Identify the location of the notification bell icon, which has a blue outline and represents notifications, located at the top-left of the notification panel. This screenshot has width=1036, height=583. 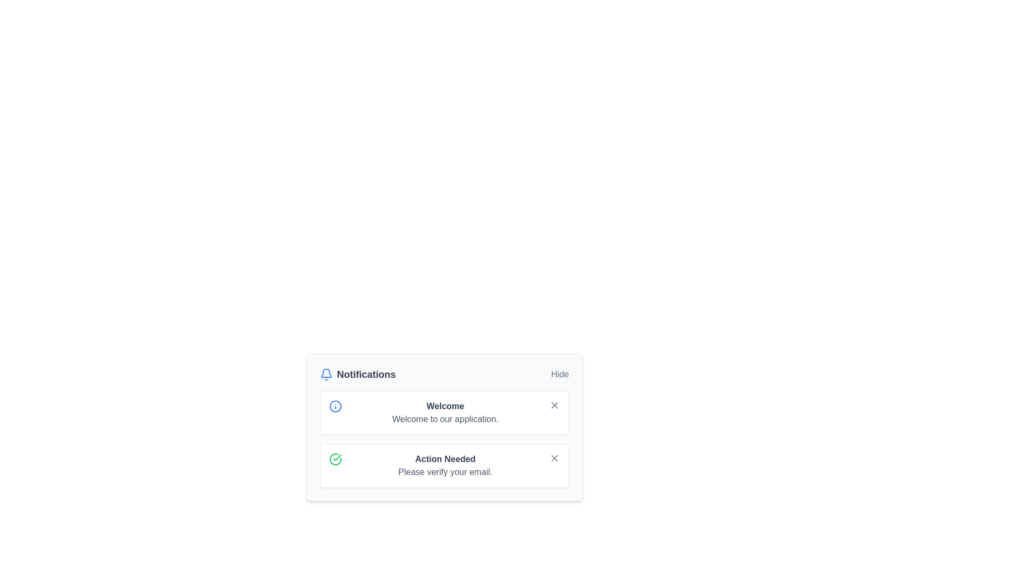
(325, 372).